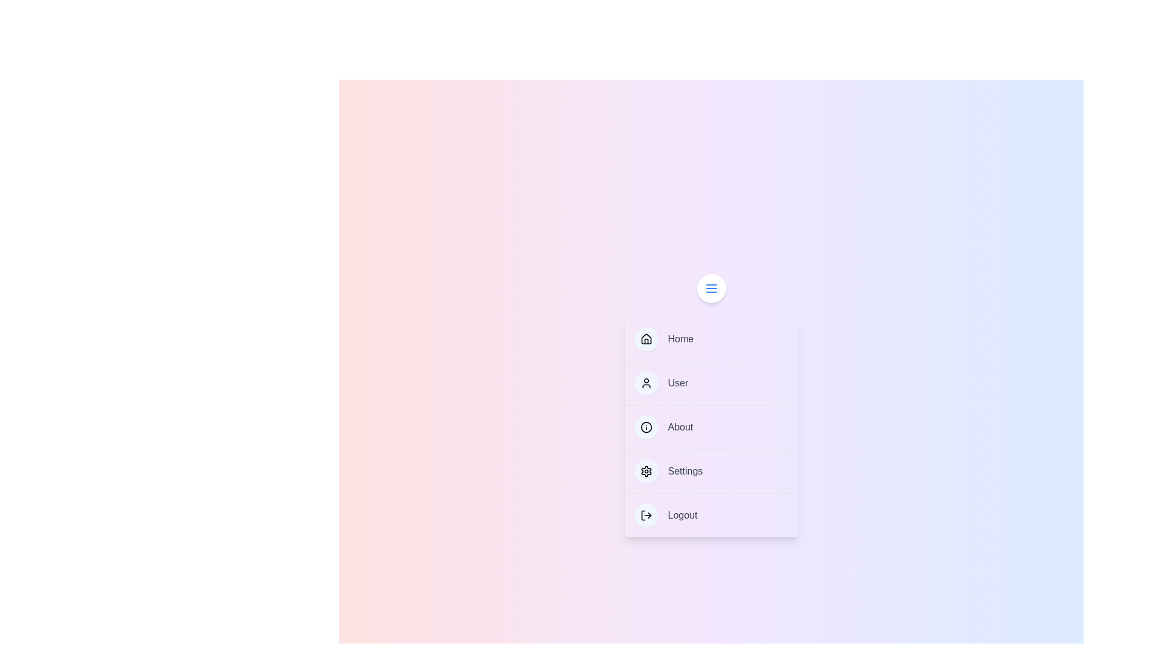 Image resolution: width=1159 pixels, height=652 pixels. I want to click on the icon of the menu item labeled Logout, so click(645, 515).